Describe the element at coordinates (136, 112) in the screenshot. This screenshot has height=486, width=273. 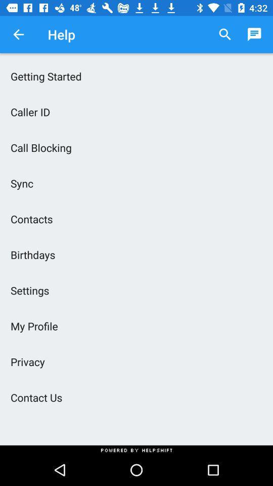
I see `caller id icon` at that location.